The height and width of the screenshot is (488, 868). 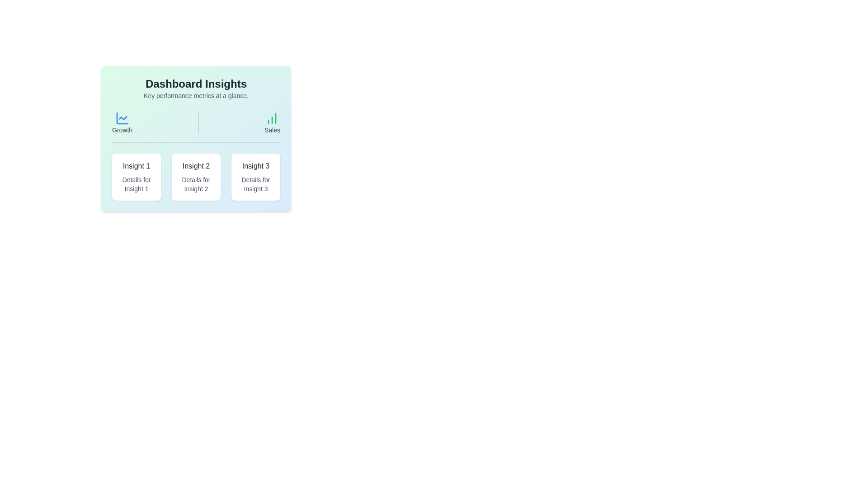 I want to click on the Informational Card titled 'Insight 2' that features a bold title, so click(x=195, y=177).